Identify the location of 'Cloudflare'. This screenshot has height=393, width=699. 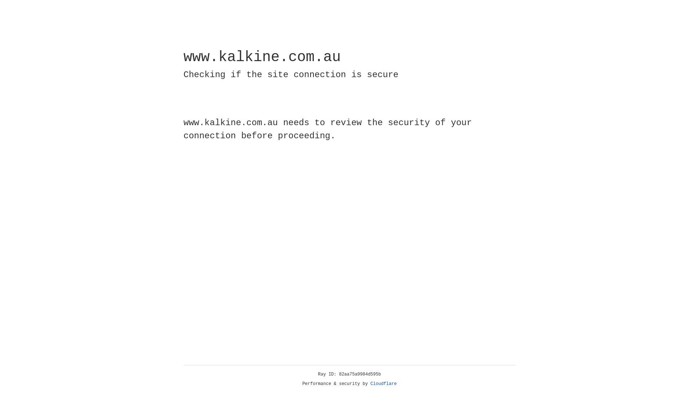
(370, 384).